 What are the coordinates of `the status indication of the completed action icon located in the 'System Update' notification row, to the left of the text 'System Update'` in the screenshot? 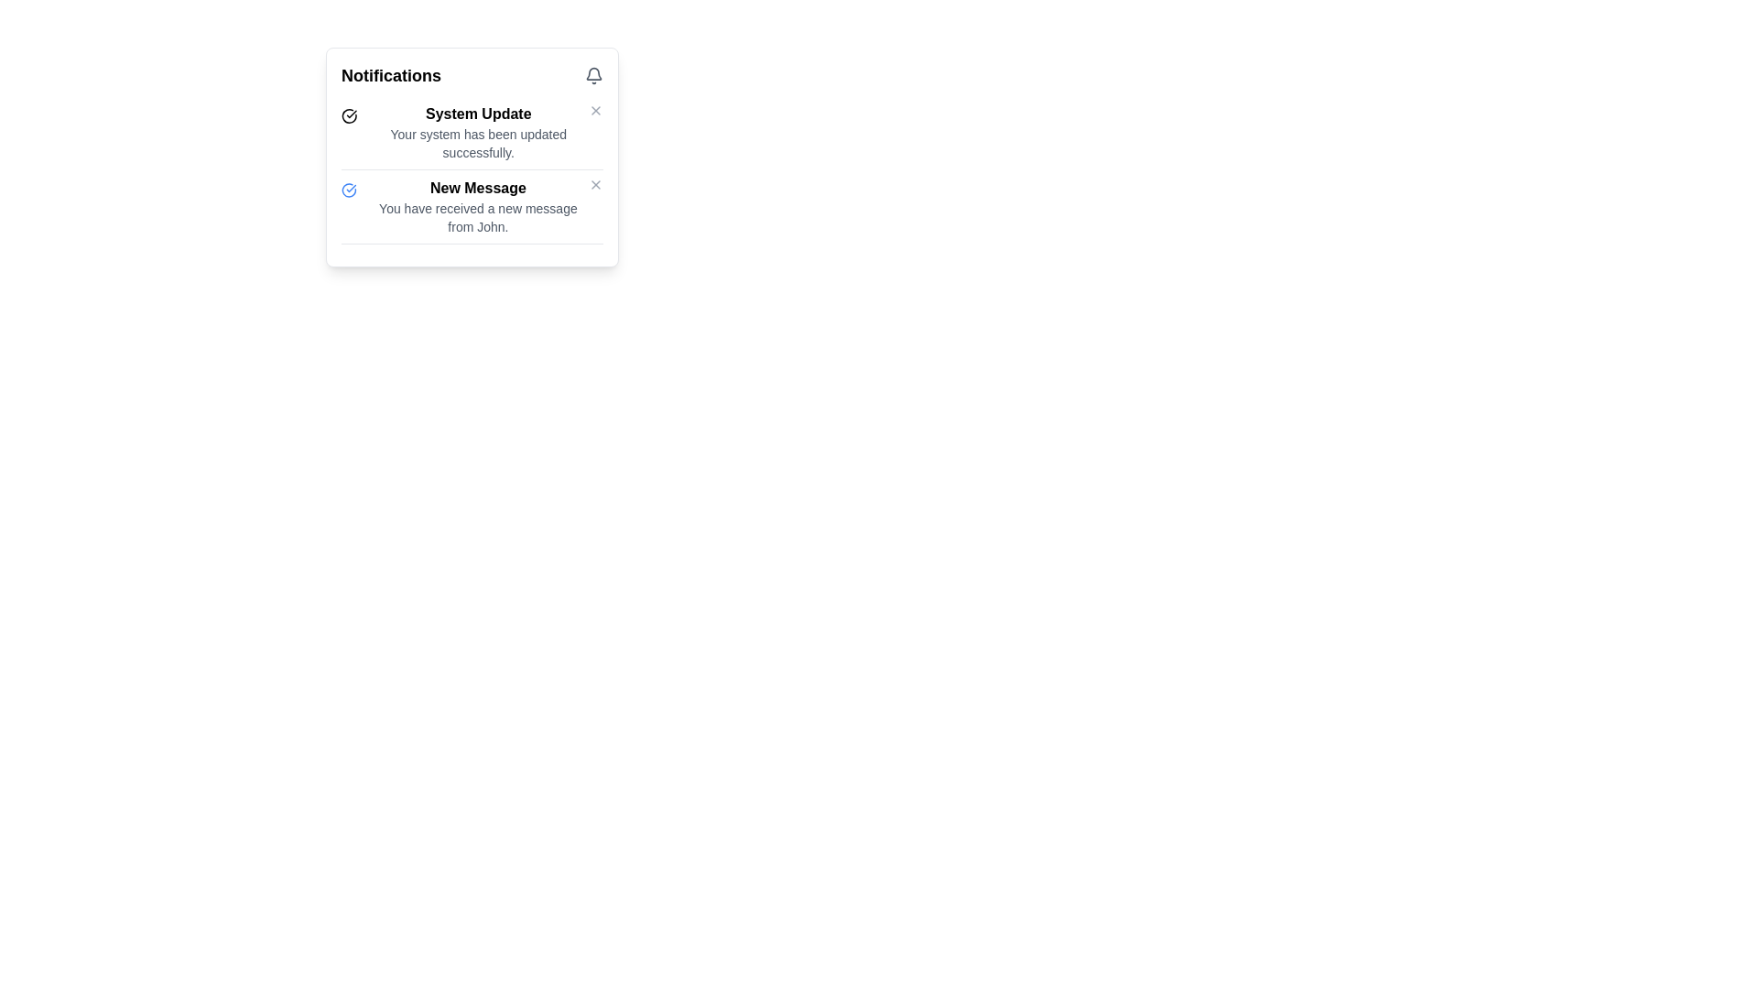 It's located at (349, 116).